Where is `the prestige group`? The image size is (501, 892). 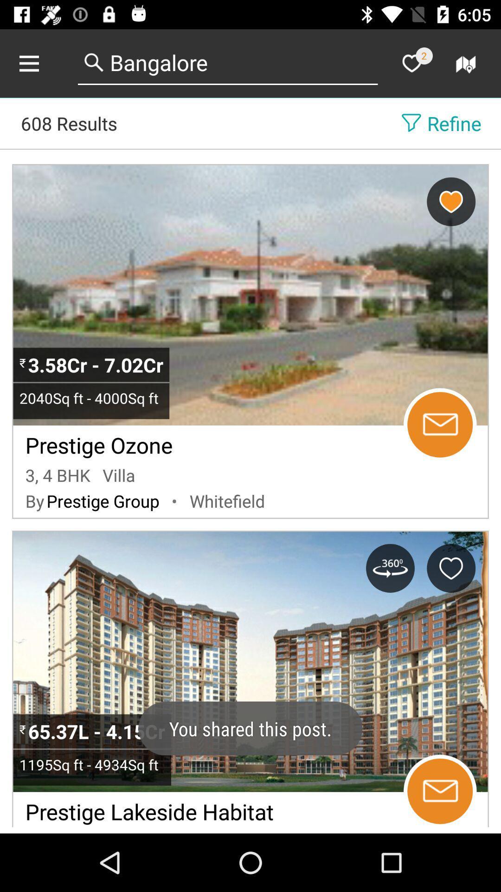 the prestige group is located at coordinates (103, 500).